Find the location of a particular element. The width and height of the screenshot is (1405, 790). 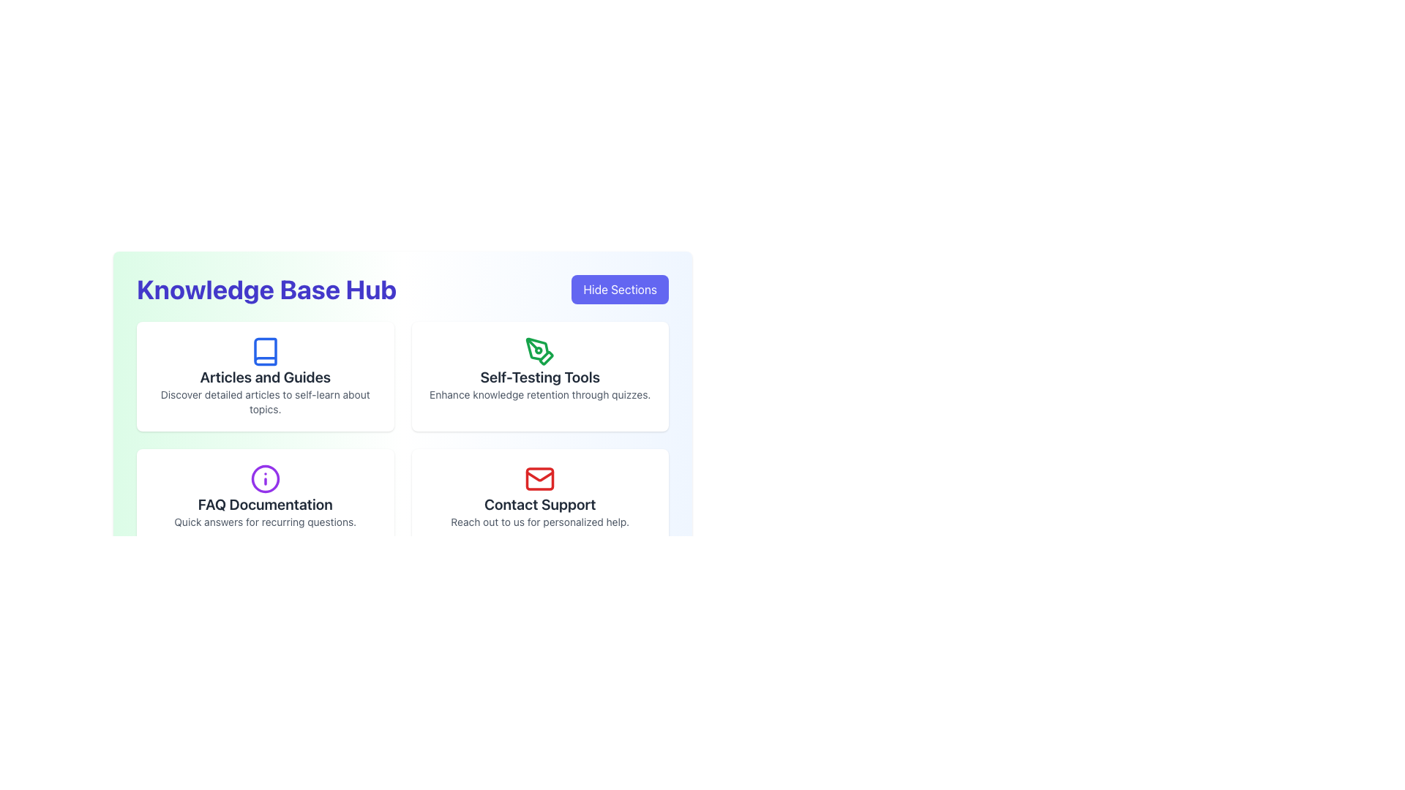

the Information Card located in the bottom-left quarter of the grid layout is located at coordinates (265, 495).